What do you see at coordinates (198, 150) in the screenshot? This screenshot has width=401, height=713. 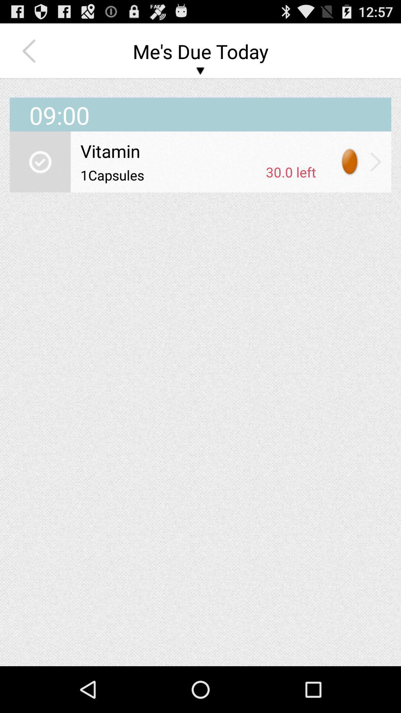 I see `the vitamin item` at bounding box center [198, 150].